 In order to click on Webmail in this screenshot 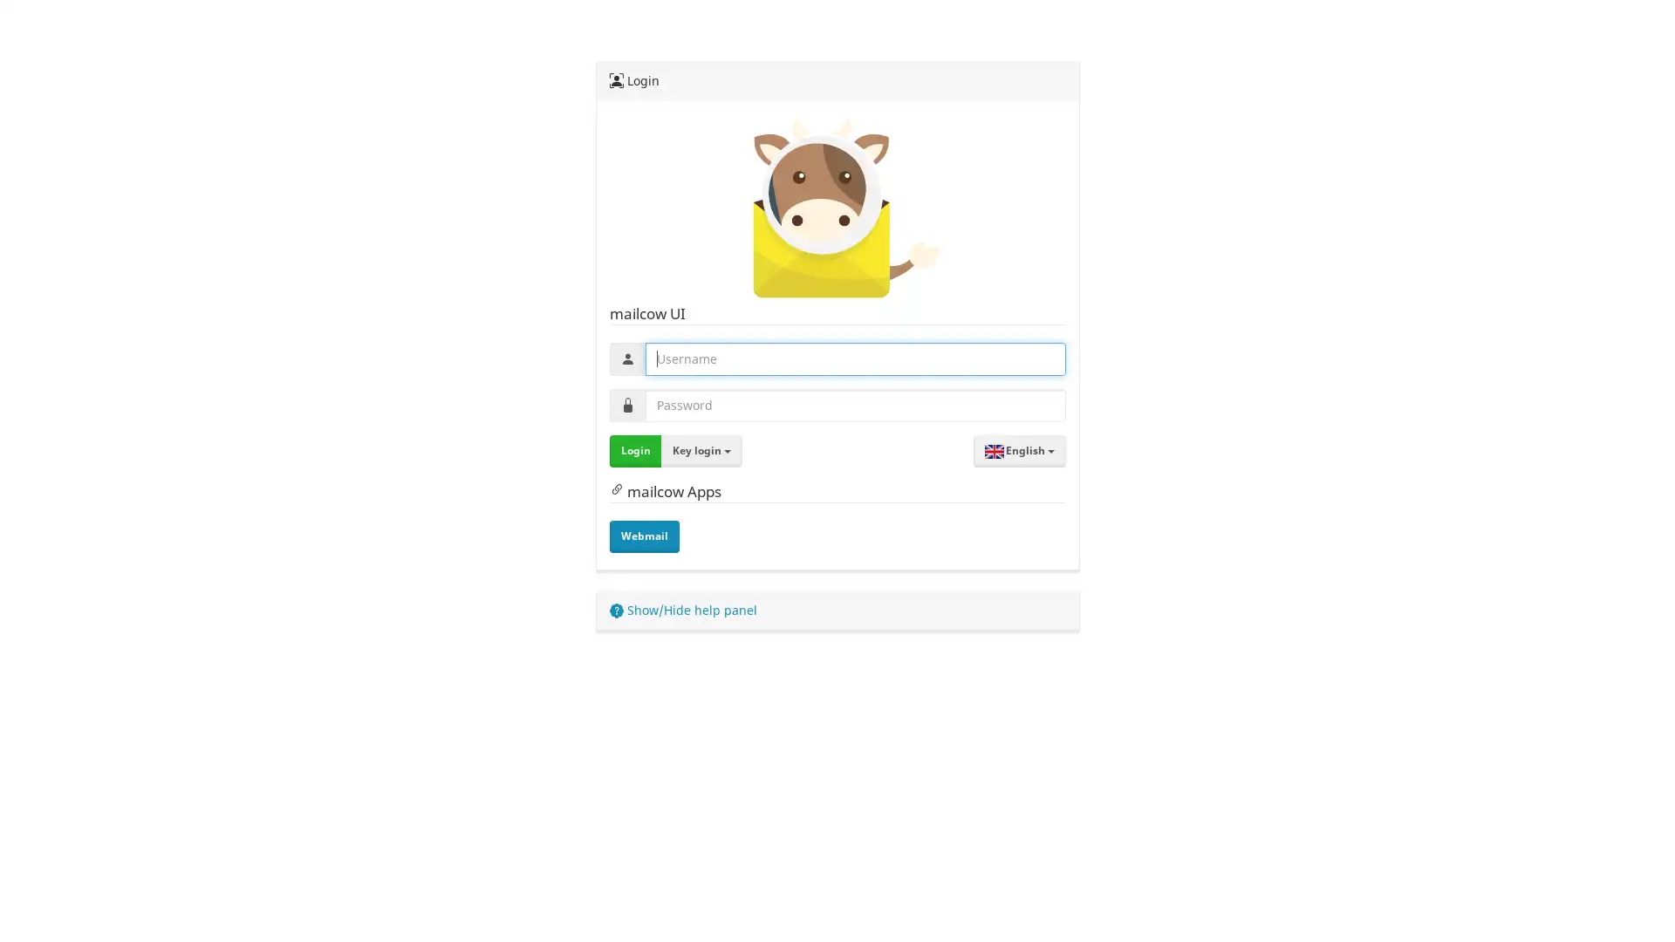, I will do `click(643, 536)`.